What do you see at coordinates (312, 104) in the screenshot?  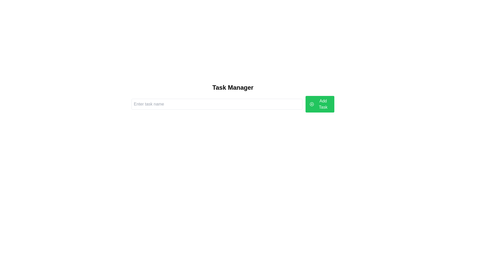 I see `circular icon with a plus sign inside, which is part of the 'Add Task' green button, located on the right side of the header` at bounding box center [312, 104].